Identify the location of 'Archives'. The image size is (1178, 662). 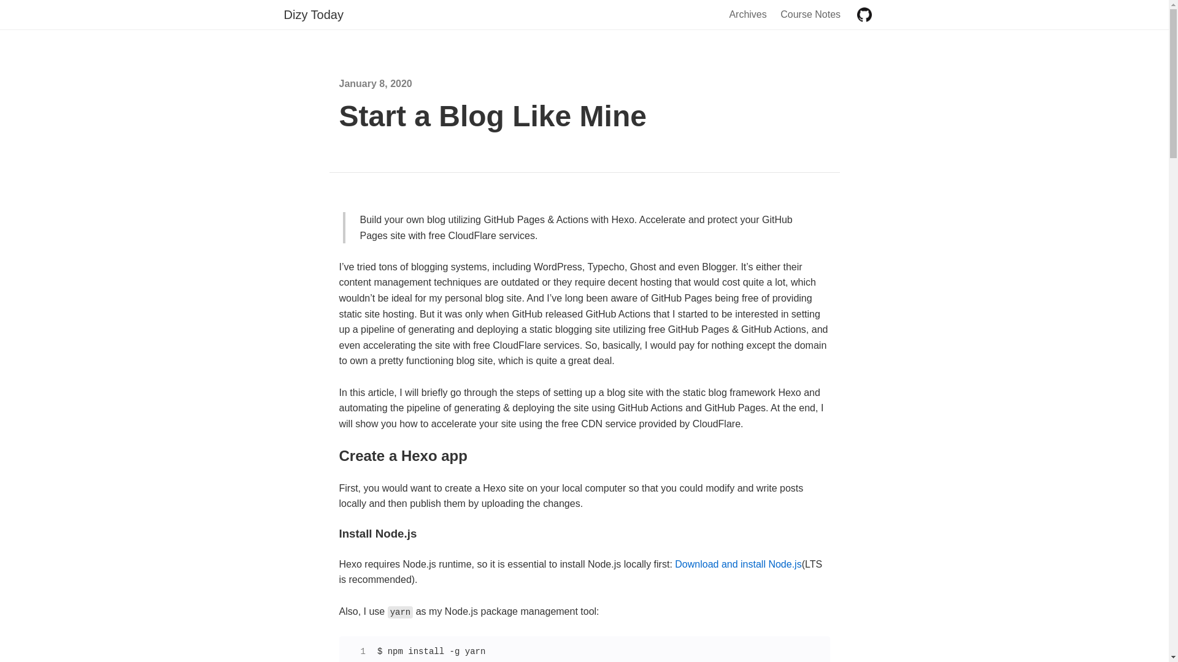
(729, 14).